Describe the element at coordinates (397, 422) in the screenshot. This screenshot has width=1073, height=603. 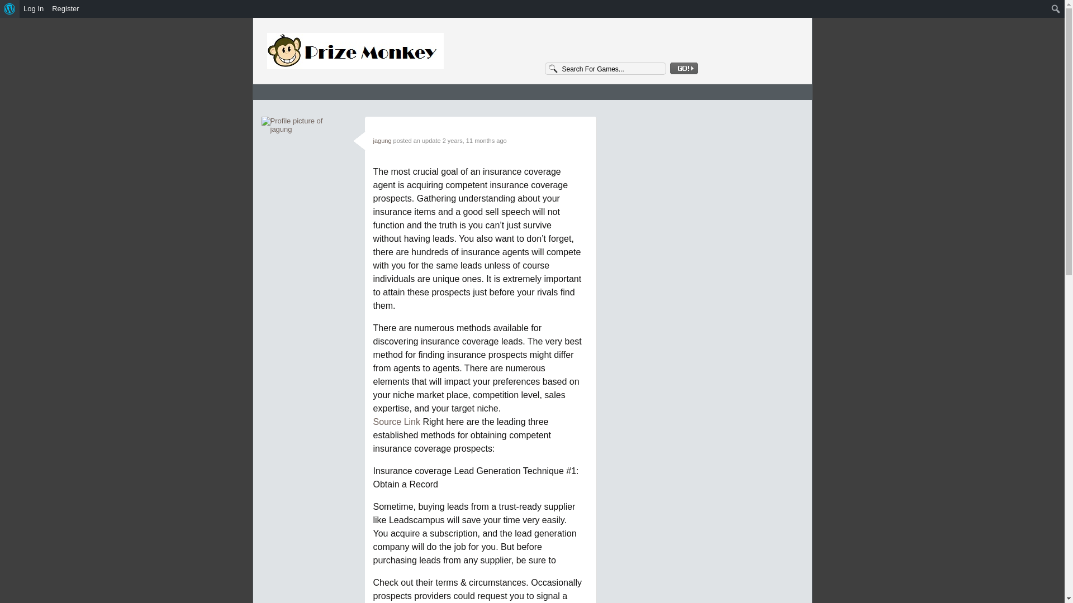
I see `'Source Link'` at that location.